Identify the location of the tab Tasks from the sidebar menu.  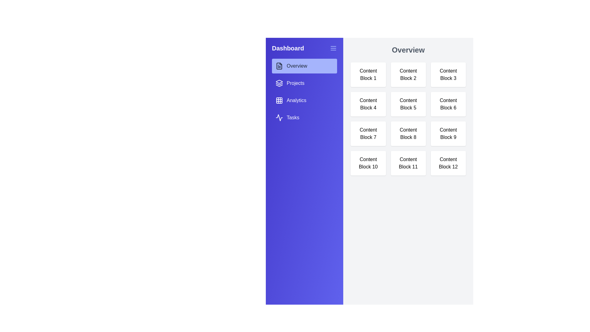
(304, 117).